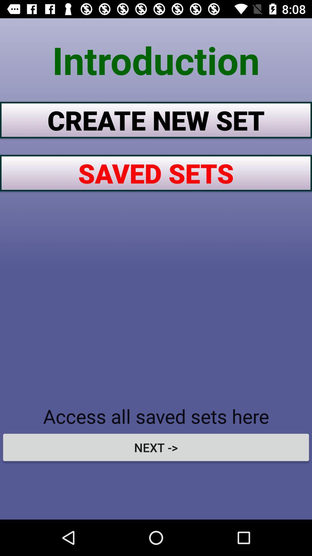 Image resolution: width=312 pixels, height=556 pixels. Describe the element at coordinates (156, 120) in the screenshot. I see `the item below introduction icon` at that location.